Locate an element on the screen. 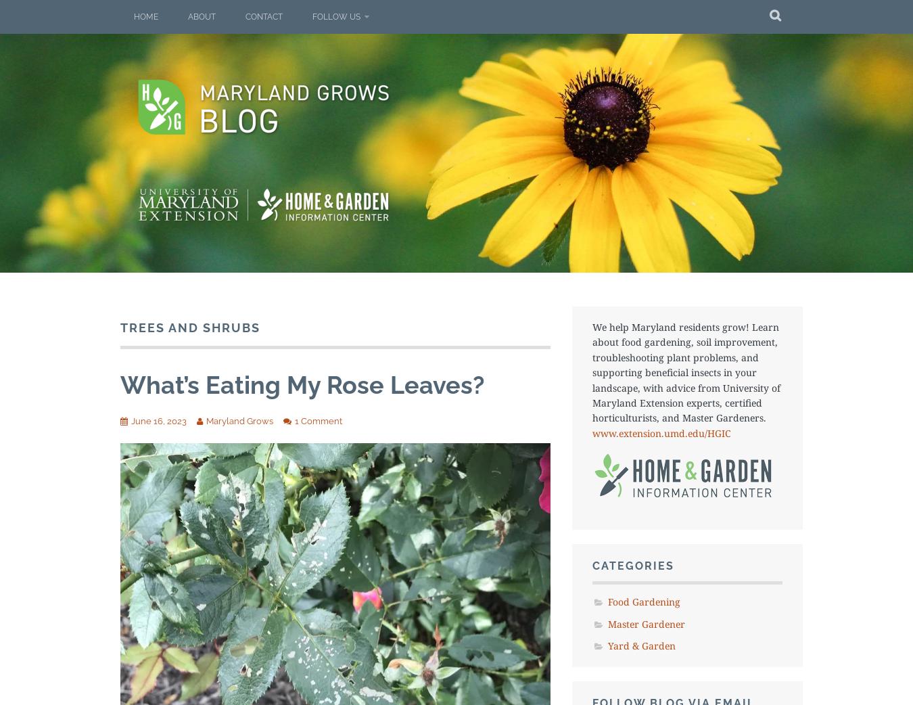 The width and height of the screenshot is (913, 705). 'June 16, 2023' is located at coordinates (158, 421).